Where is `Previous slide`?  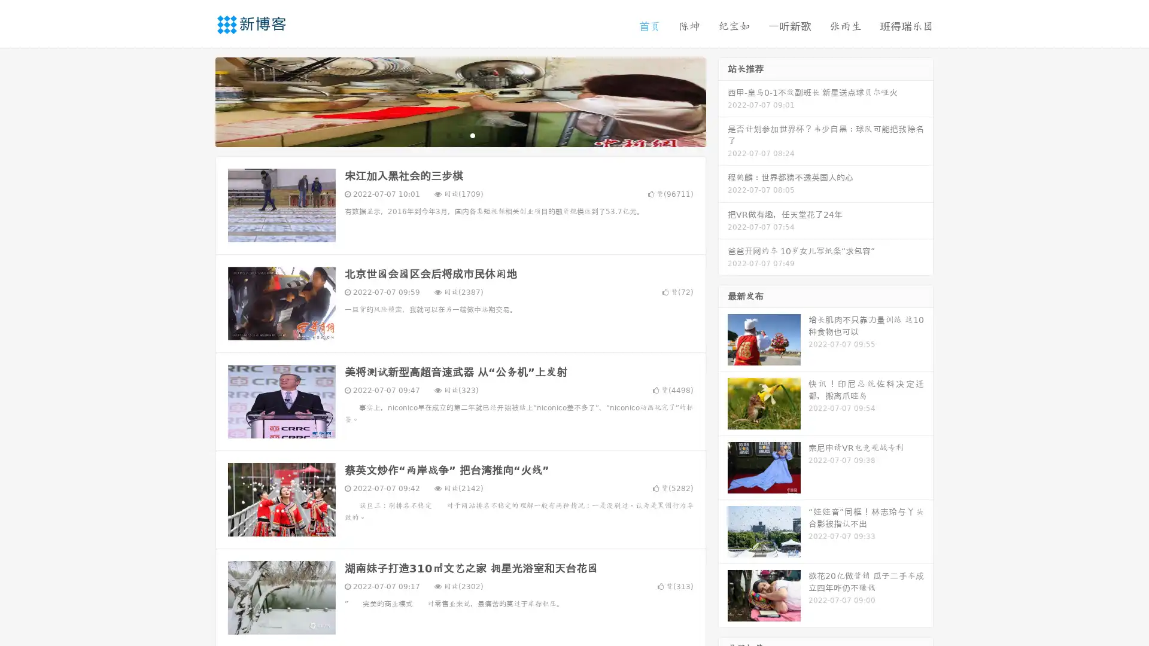 Previous slide is located at coordinates (197, 100).